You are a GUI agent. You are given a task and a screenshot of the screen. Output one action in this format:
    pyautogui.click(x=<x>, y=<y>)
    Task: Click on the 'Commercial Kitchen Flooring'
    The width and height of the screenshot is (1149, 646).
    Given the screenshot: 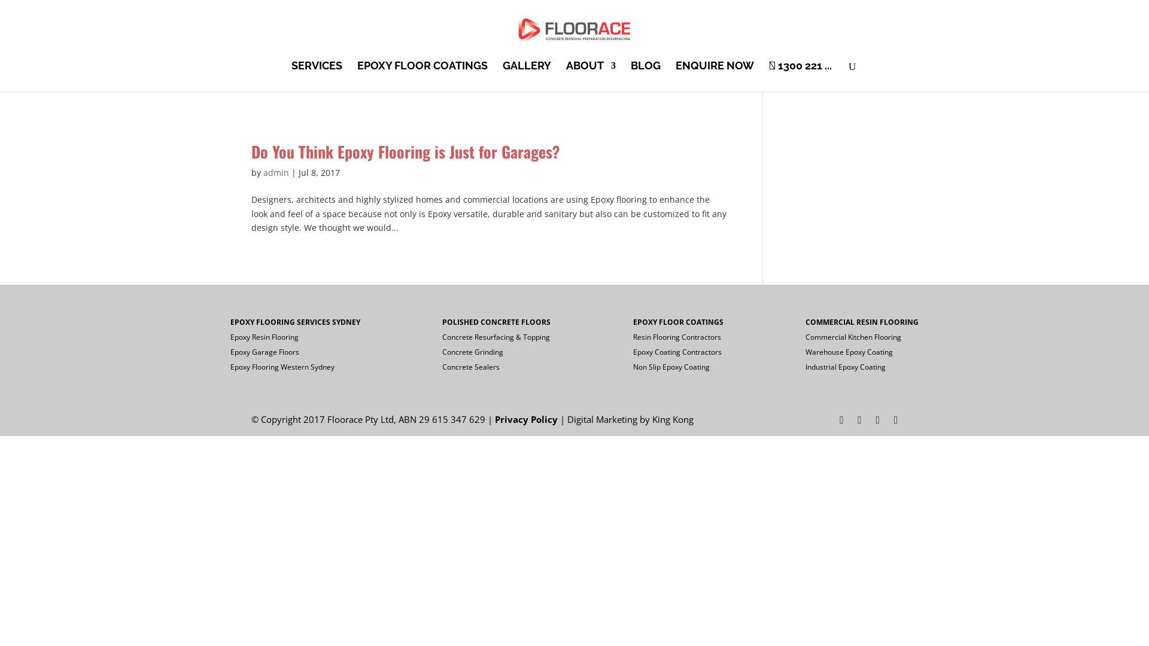 What is the action you would take?
    pyautogui.click(x=852, y=337)
    